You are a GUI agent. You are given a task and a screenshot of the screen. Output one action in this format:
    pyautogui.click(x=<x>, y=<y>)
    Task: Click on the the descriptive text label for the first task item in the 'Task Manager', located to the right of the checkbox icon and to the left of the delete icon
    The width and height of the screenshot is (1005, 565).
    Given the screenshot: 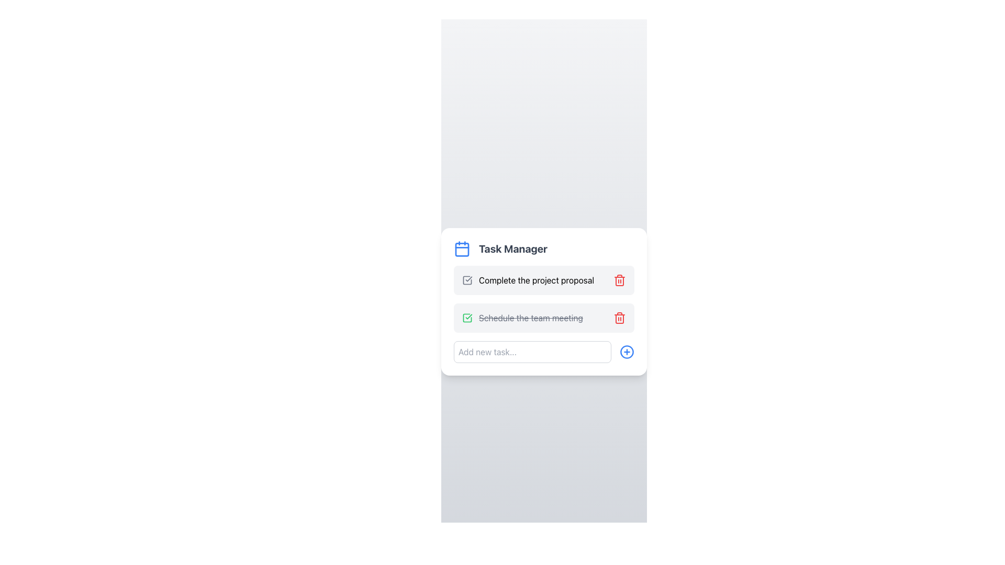 What is the action you would take?
    pyautogui.click(x=537, y=280)
    